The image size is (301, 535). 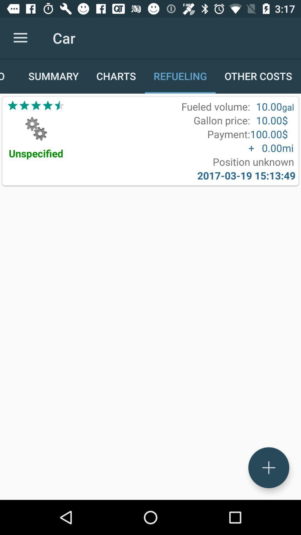 What do you see at coordinates (253, 161) in the screenshot?
I see `position unknown item` at bounding box center [253, 161].